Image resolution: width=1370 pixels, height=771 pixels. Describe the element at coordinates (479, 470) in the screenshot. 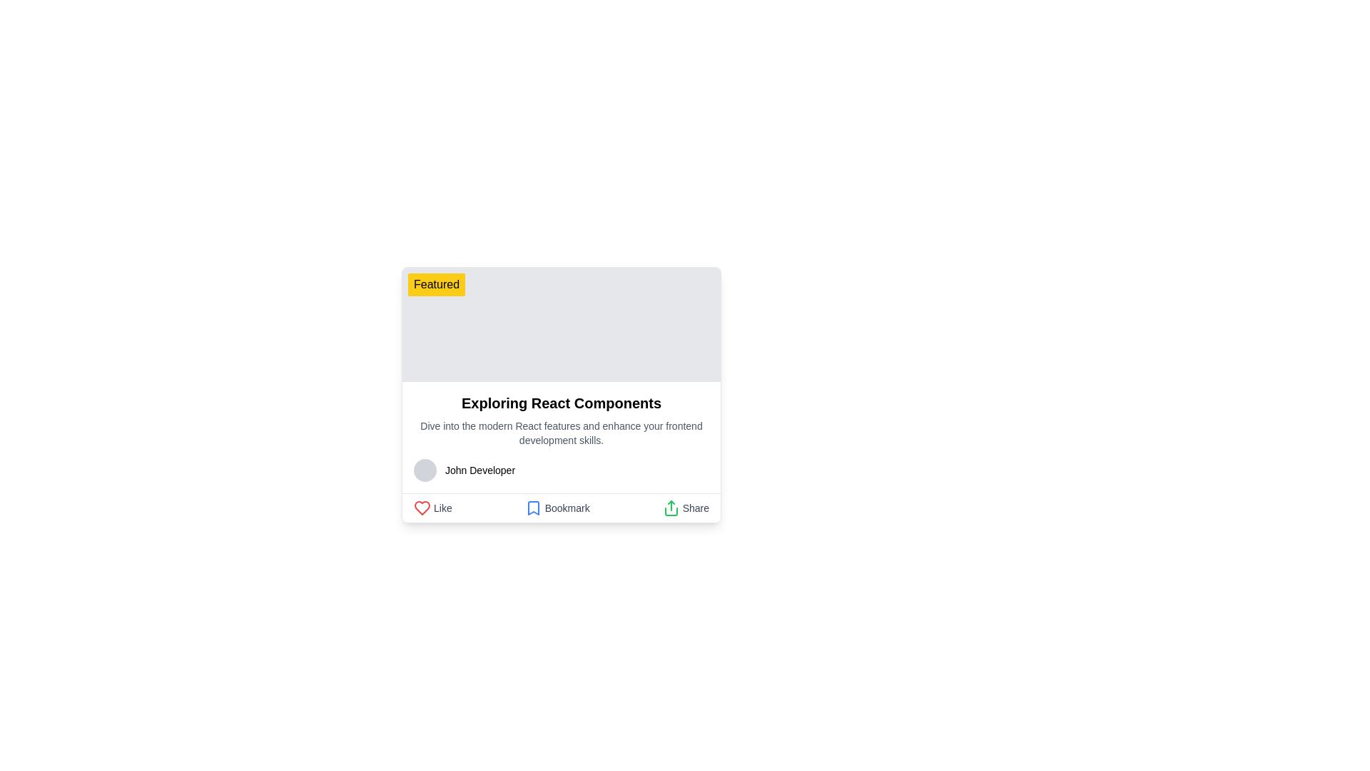

I see `the text label reading 'John Developer', which is styled with a small font size and black text color, located near the center-bottom of the interface adjacent to interactive elements` at that location.